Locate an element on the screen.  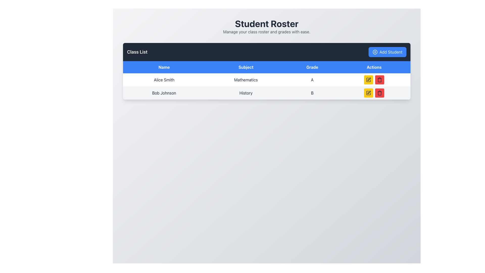
the static text label displaying 'Bob Johnson' in the 'Name' column of the 'Class List' table is located at coordinates (164, 93).